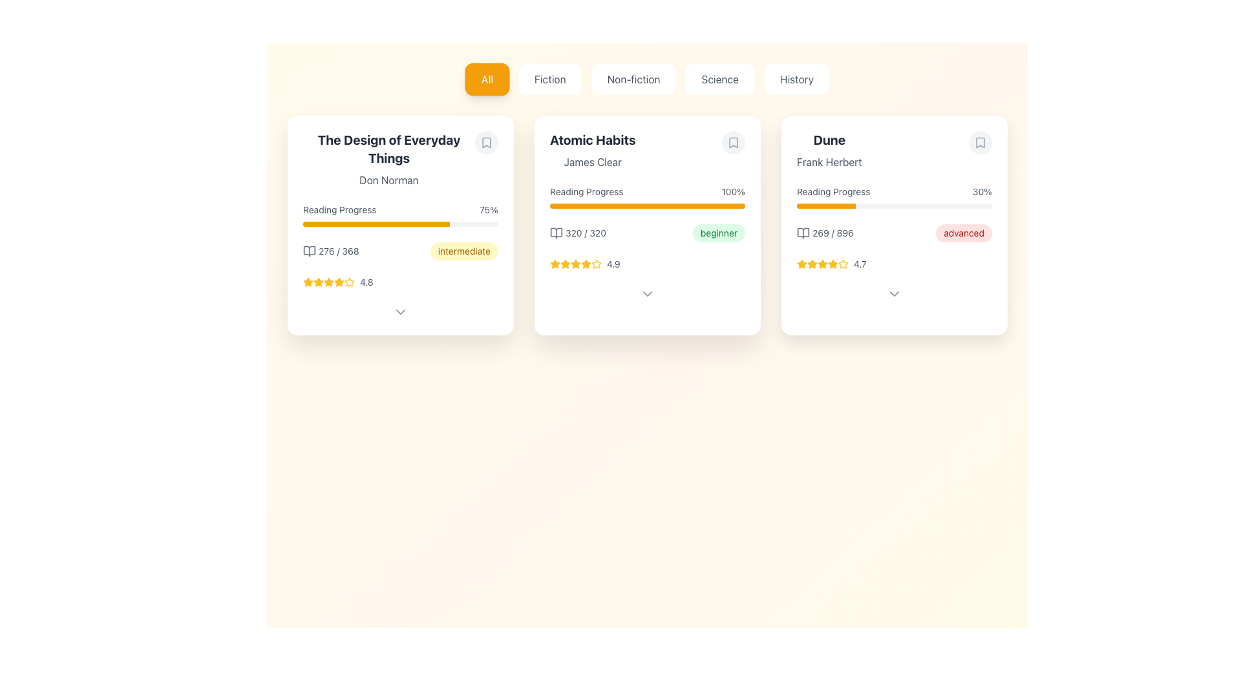 The image size is (1241, 698). Describe the element at coordinates (309, 251) in the screenshot. I see `the visual representation of the open book icon located in the top-right area of the card labeled 'The Design of Everyday Things'` at that location.